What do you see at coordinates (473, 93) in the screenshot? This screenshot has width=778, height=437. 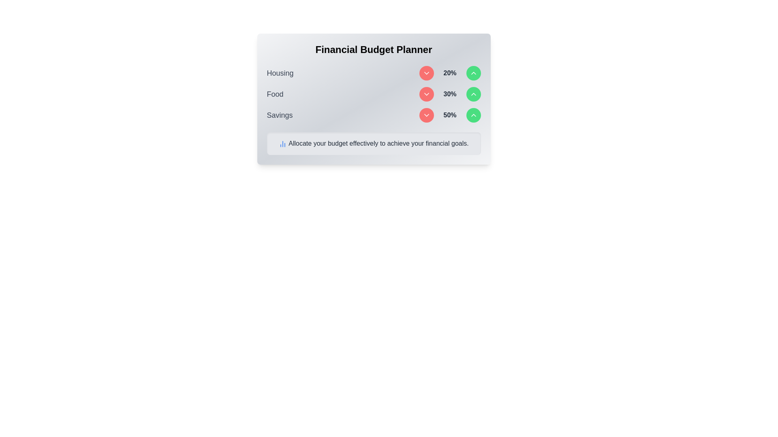 I see `the upward-pointing triangular arrow icon within the circular green button, which is positioned to the right of the 'Housing' text for UI feedback` at bounding box center [473, 93].